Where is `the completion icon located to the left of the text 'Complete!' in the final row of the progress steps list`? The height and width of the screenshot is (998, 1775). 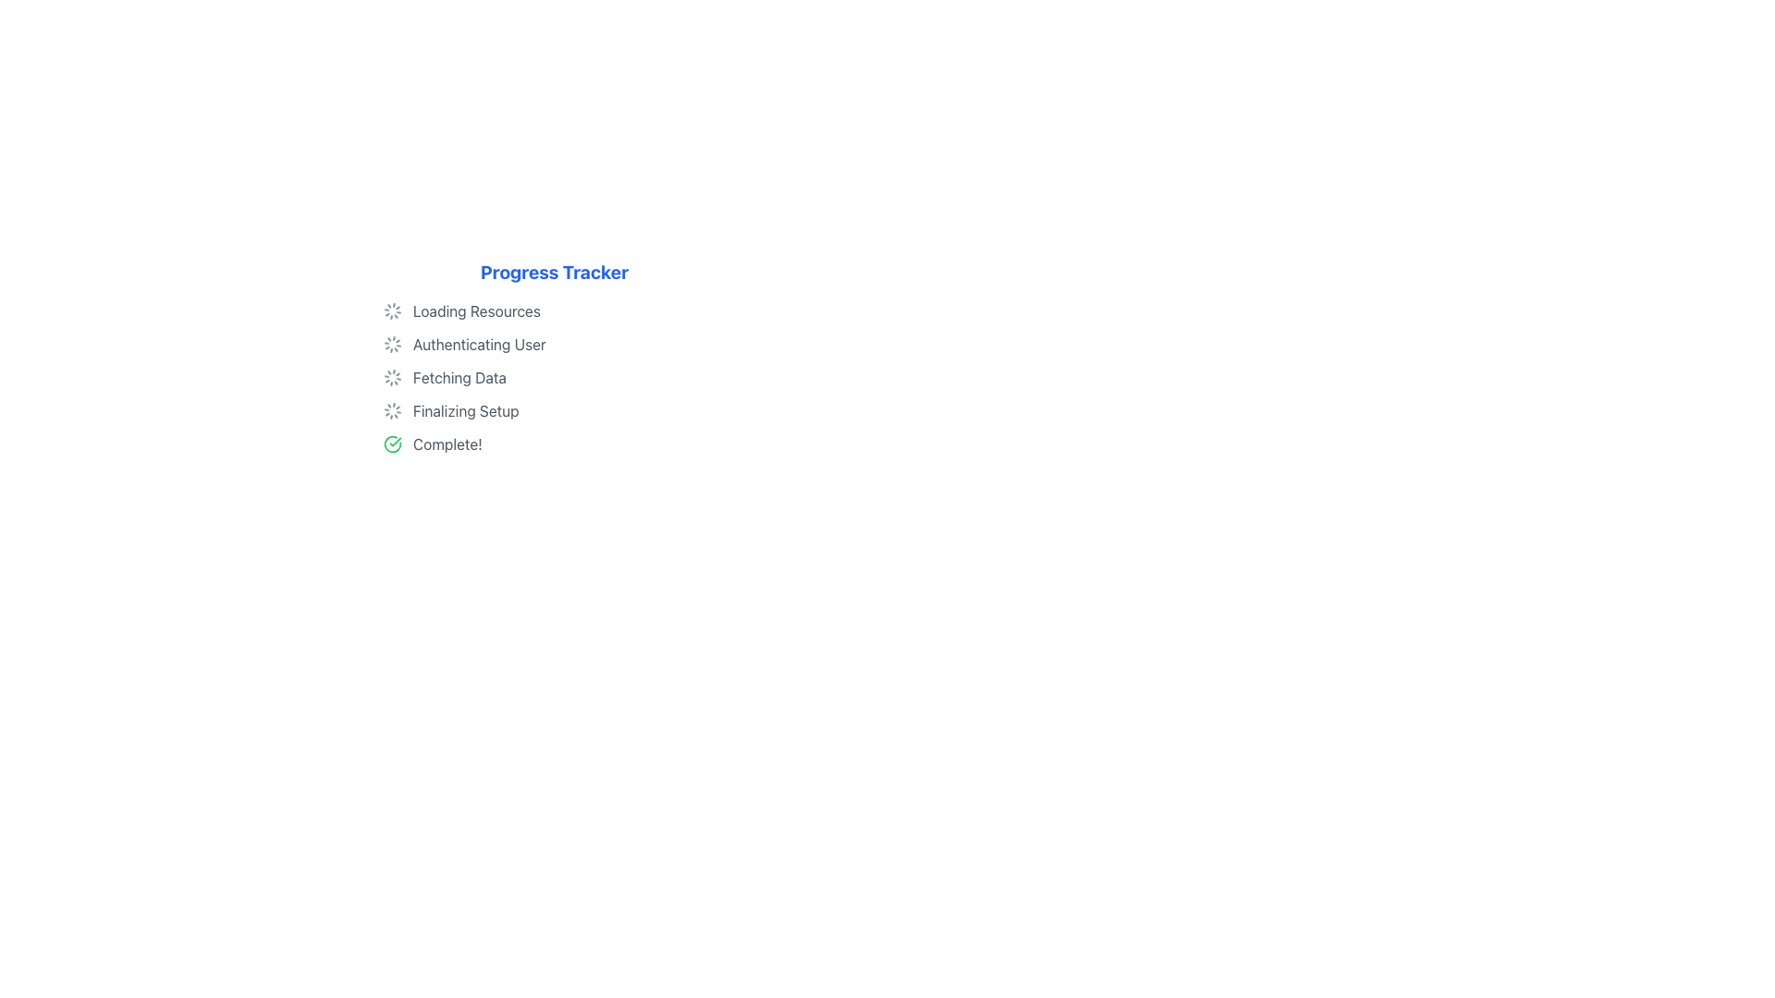
the completion icon located to the left of the text 'Complete!' in the final row of the progress steps list is located at coordinates (392, 444).